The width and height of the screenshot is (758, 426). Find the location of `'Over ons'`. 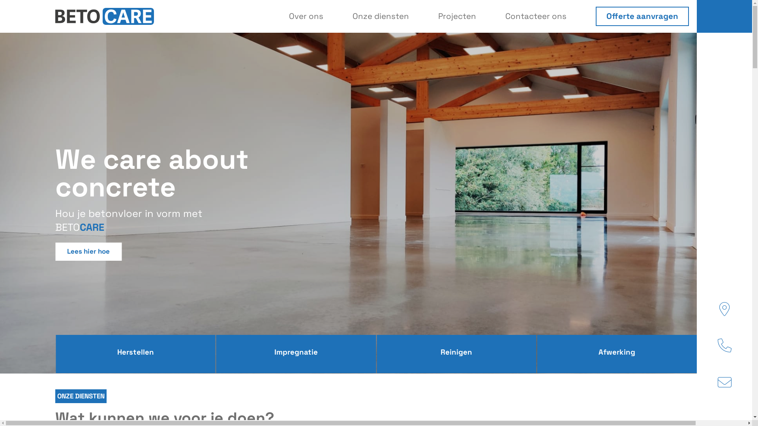

'Over ons' is located at coordinates (306, 16).